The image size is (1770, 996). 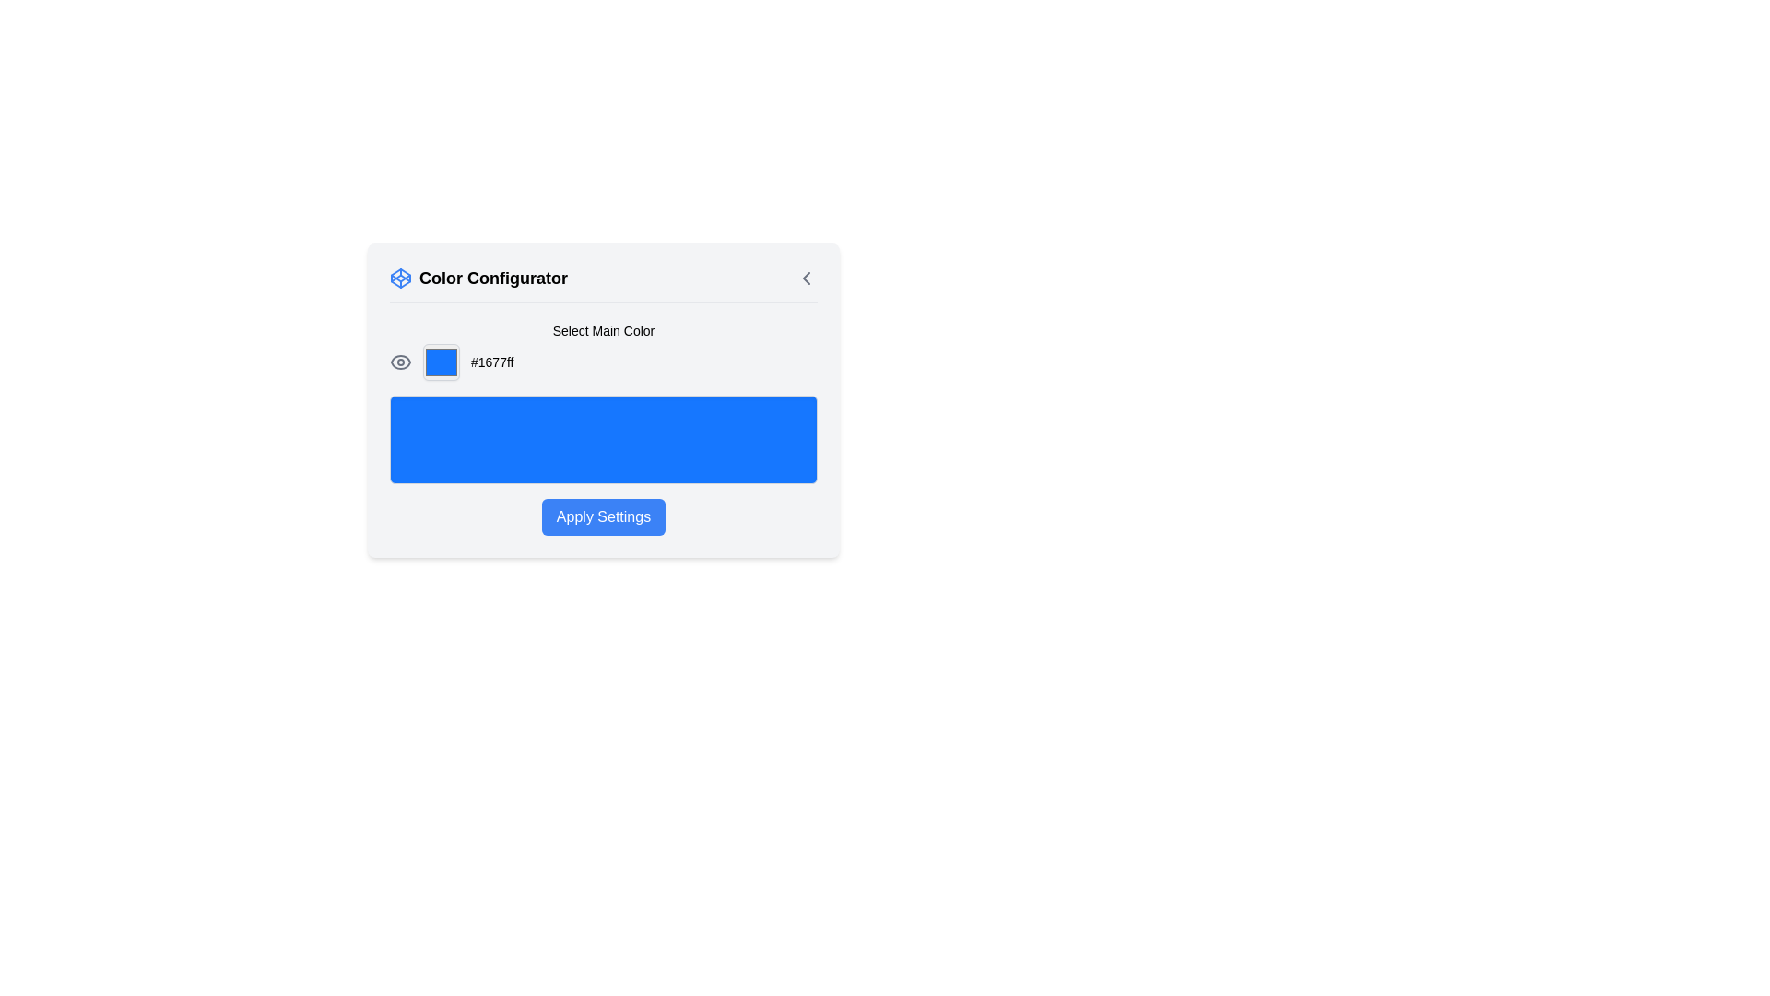 I want to click on the text label displaying 'Color Configurator', which is prominently styled in black with bold font, located at the top of a panel, so click(x=493, y=278).